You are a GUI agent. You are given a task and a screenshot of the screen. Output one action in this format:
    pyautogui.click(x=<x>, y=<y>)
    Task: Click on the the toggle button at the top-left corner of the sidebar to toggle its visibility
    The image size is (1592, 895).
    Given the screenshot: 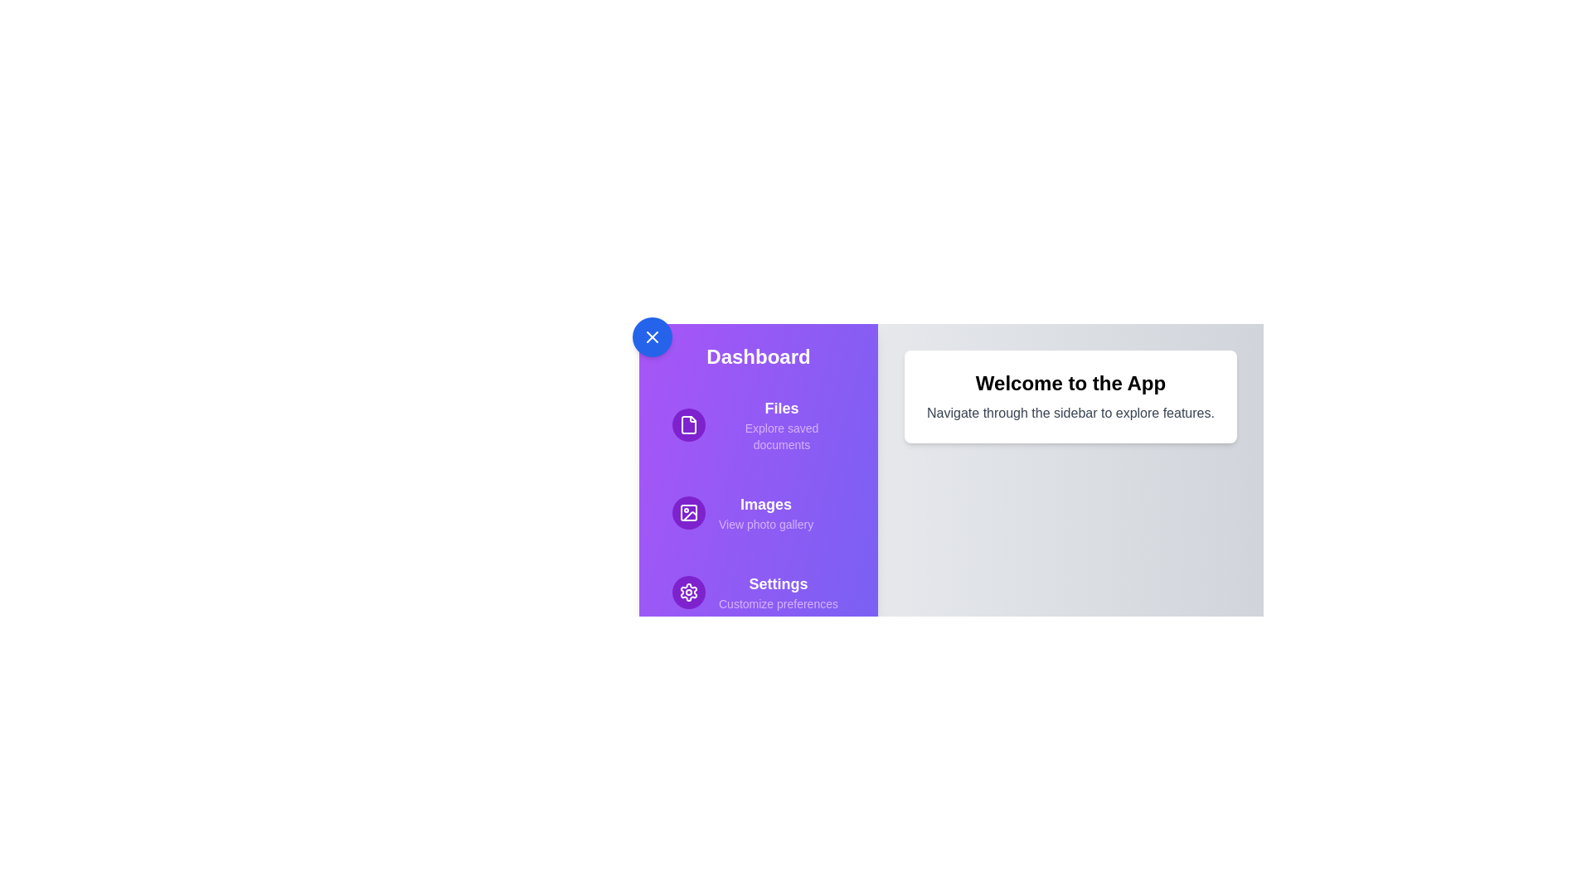 What is the action you would take?
    pyautogui.click(x=652, y=336)
    